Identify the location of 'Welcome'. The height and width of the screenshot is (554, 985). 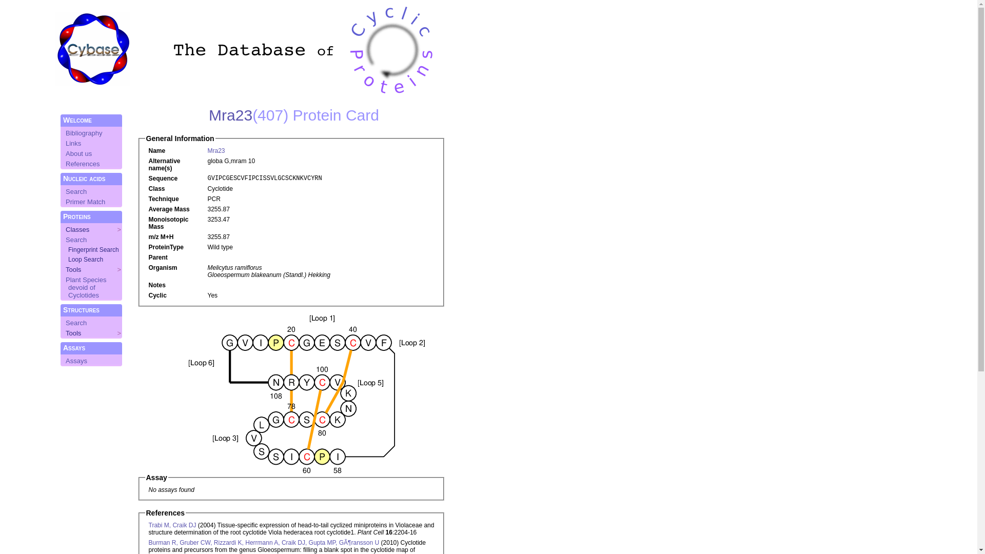
(76, 120).